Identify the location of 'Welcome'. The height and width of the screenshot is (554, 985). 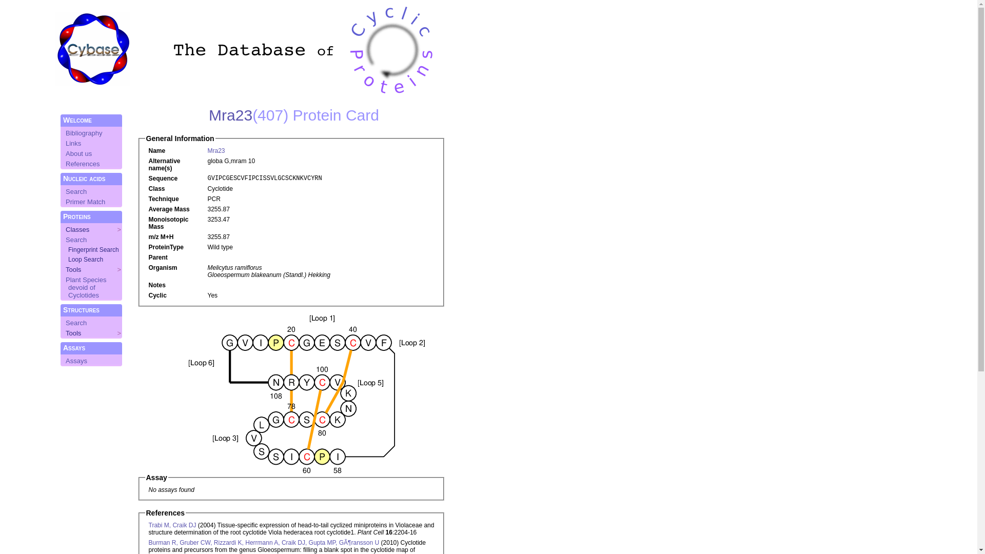
(76, 120).